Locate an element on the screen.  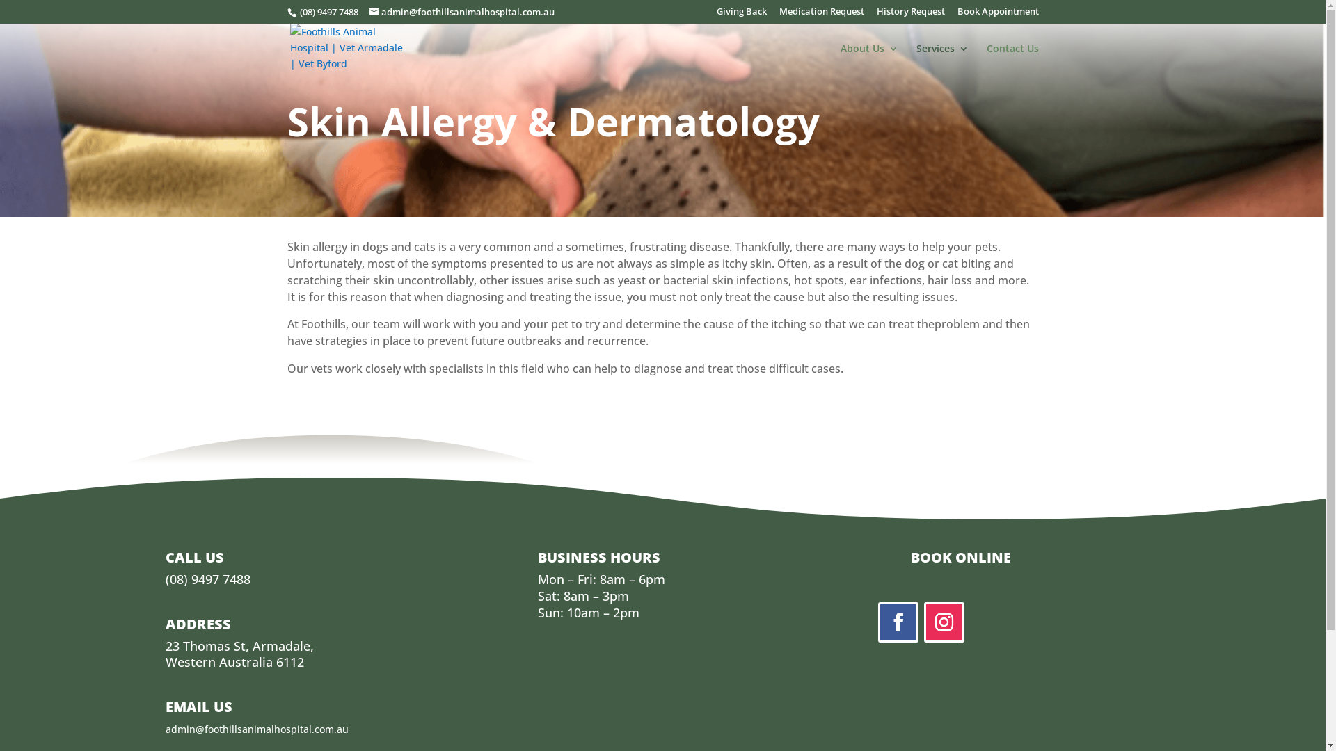
'Contact Us' is located at coordinates (1012, 59).